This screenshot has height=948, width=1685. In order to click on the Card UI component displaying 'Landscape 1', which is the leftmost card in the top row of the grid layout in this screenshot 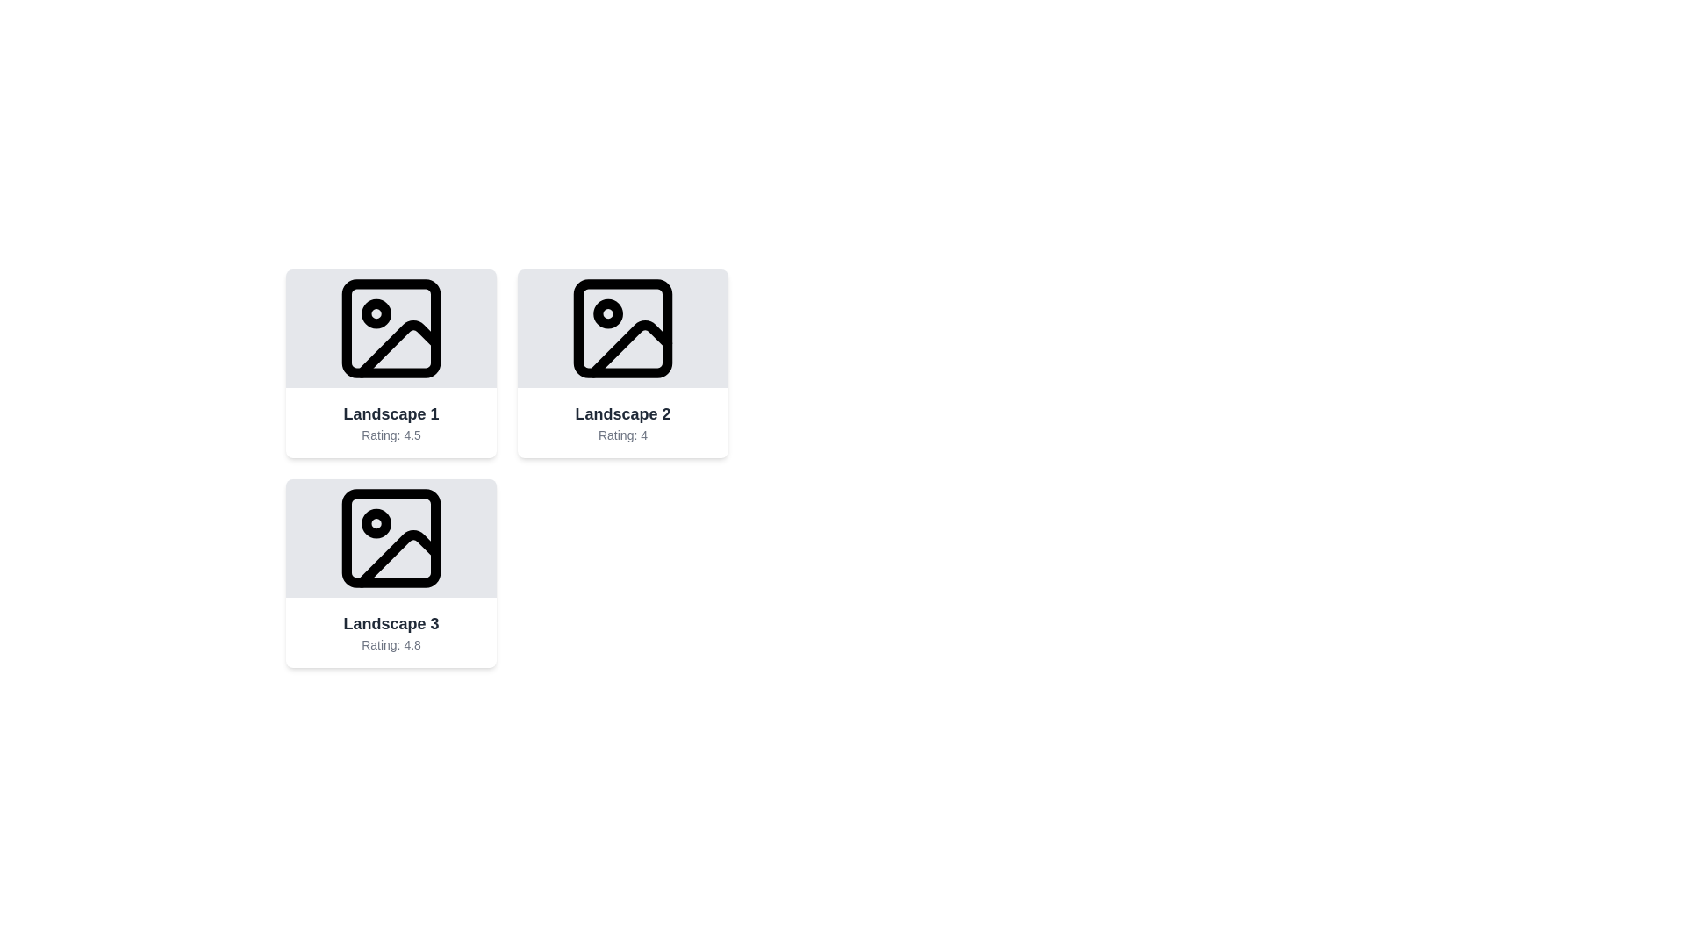, I will do `click(391, 363)`.